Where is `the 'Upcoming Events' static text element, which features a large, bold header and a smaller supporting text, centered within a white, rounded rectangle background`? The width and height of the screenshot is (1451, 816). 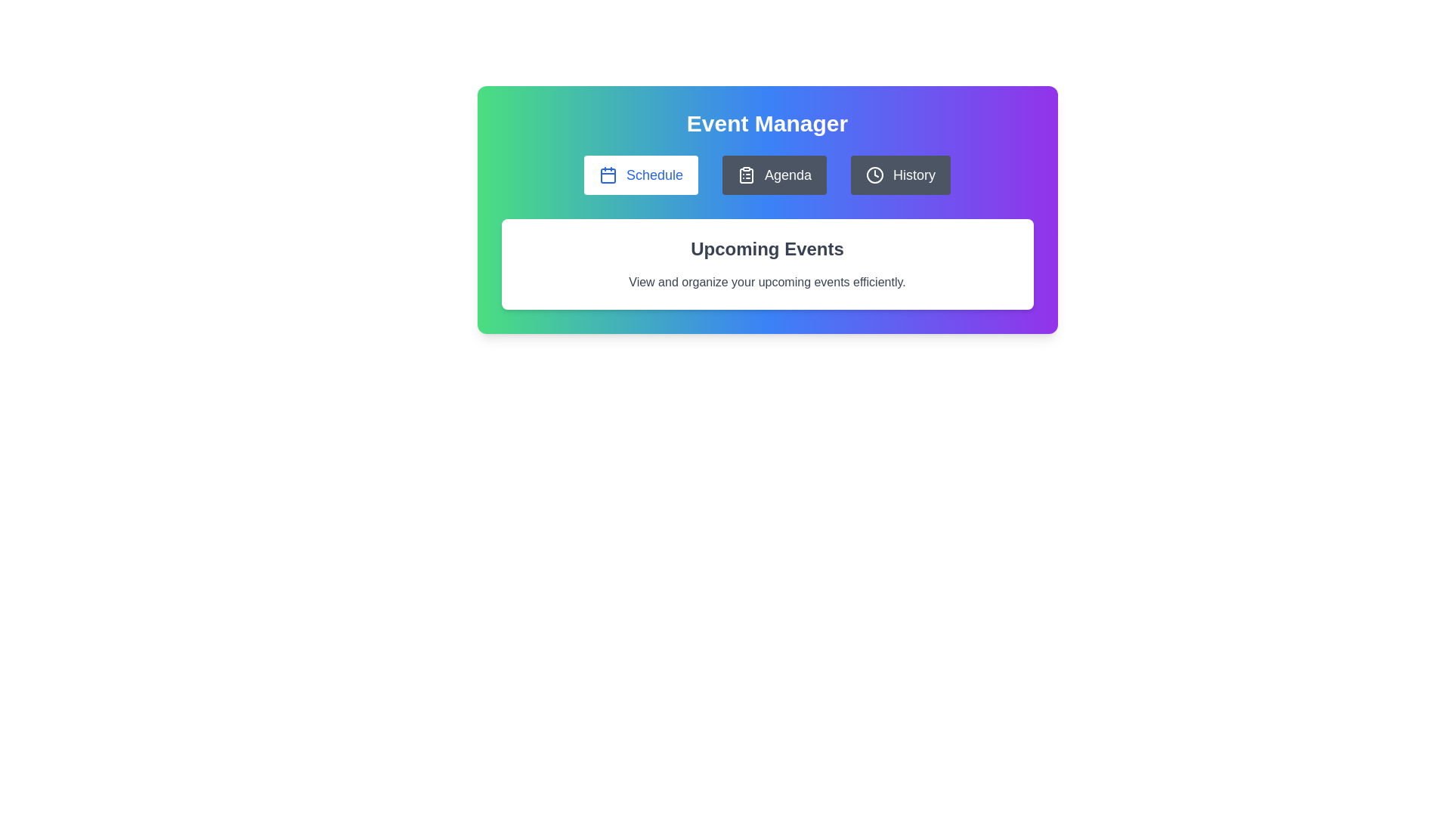
the 'Upcoming Events' static text element, which features a large, bold header and a smaller supporting text, centered within a white, rounded rectangle background is located at coordinates (767, 264).